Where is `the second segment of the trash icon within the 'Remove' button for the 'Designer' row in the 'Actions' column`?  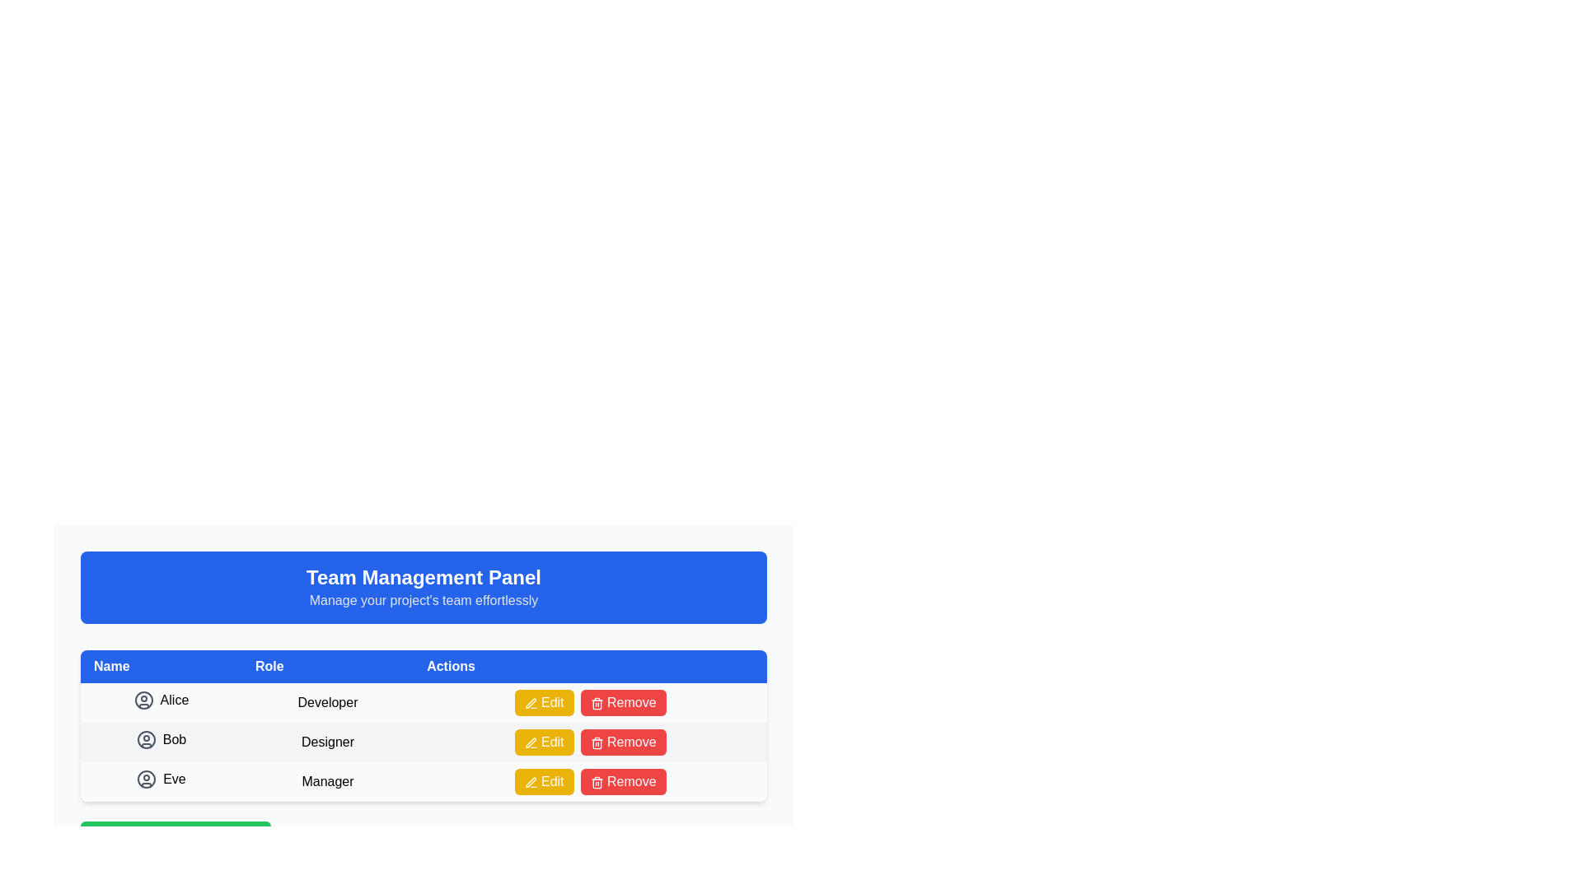
the second segment of the trash icon within the 'Remove' button for the 'Designer' row in the 'Actions' column is located at coordinates (596, 783).